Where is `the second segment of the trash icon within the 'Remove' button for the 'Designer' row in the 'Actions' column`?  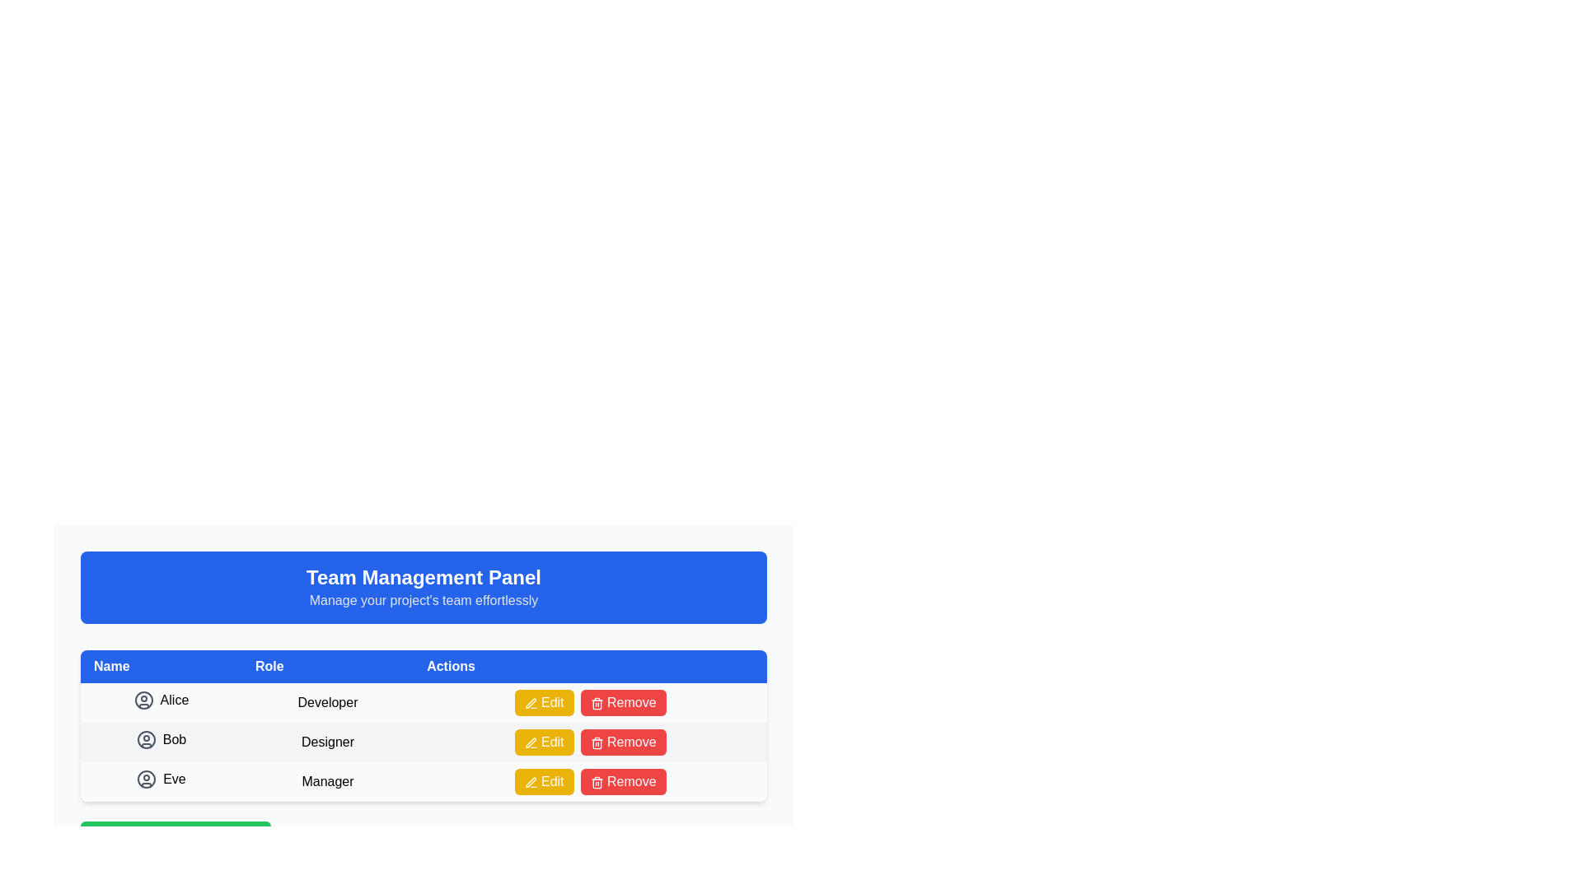
the second segment of the trash icon within the 'Remove' button for the 'Designer' row in the 'Actions' column is located at coordinates (596, 783).